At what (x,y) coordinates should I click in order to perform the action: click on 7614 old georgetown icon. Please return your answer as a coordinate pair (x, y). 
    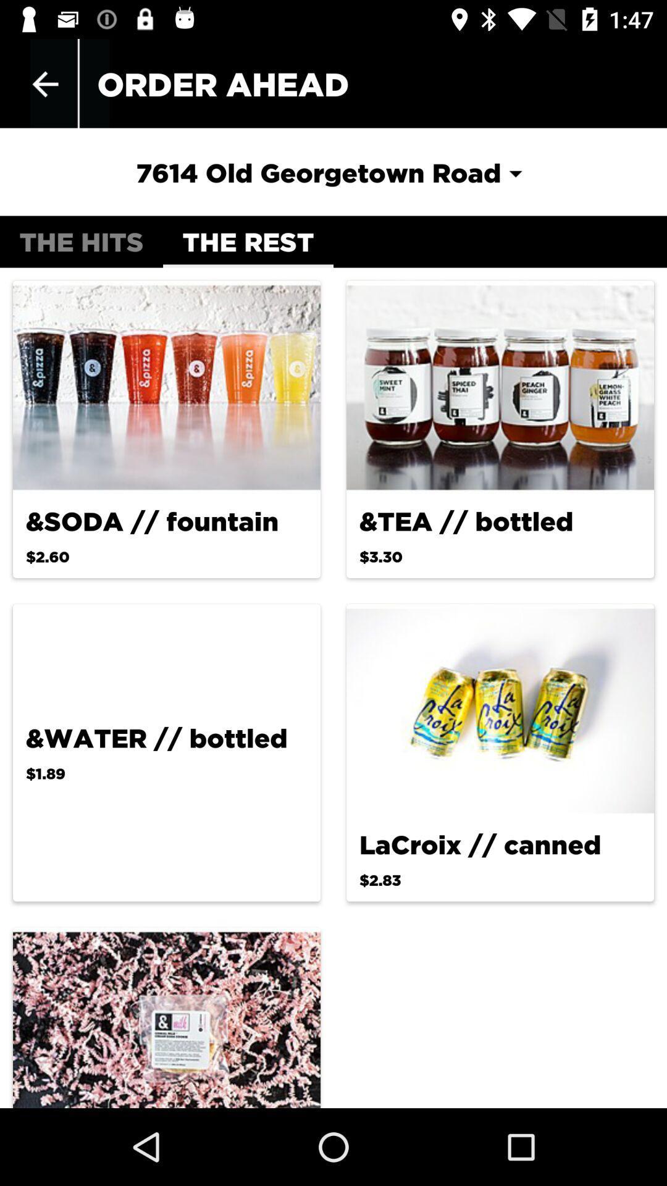
    Looking at the image, I should click on (332, 172).